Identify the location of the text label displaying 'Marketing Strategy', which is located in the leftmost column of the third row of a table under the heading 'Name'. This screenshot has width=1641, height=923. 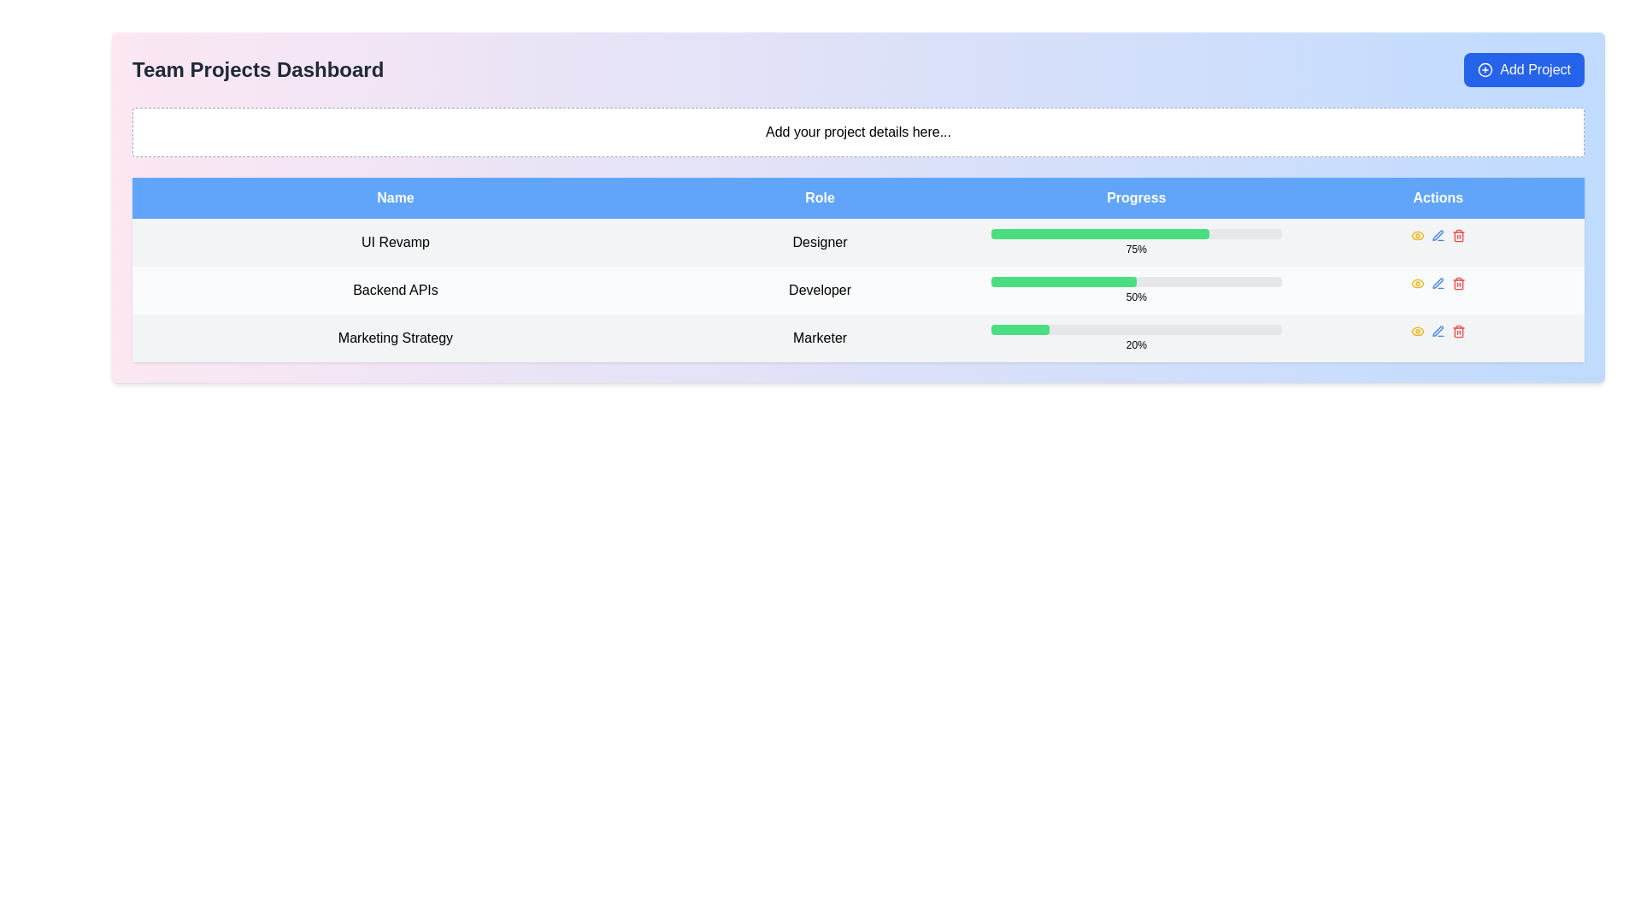
(394, 338).